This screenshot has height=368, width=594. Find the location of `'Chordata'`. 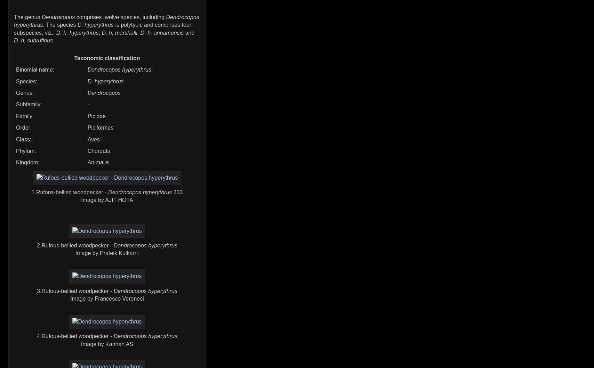

'Chordata' is located at coordinates (99, 150).